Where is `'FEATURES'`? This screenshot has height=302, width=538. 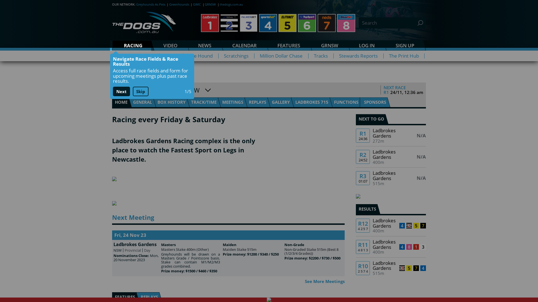
'FEATURES' is located at coordinates (289, 45).